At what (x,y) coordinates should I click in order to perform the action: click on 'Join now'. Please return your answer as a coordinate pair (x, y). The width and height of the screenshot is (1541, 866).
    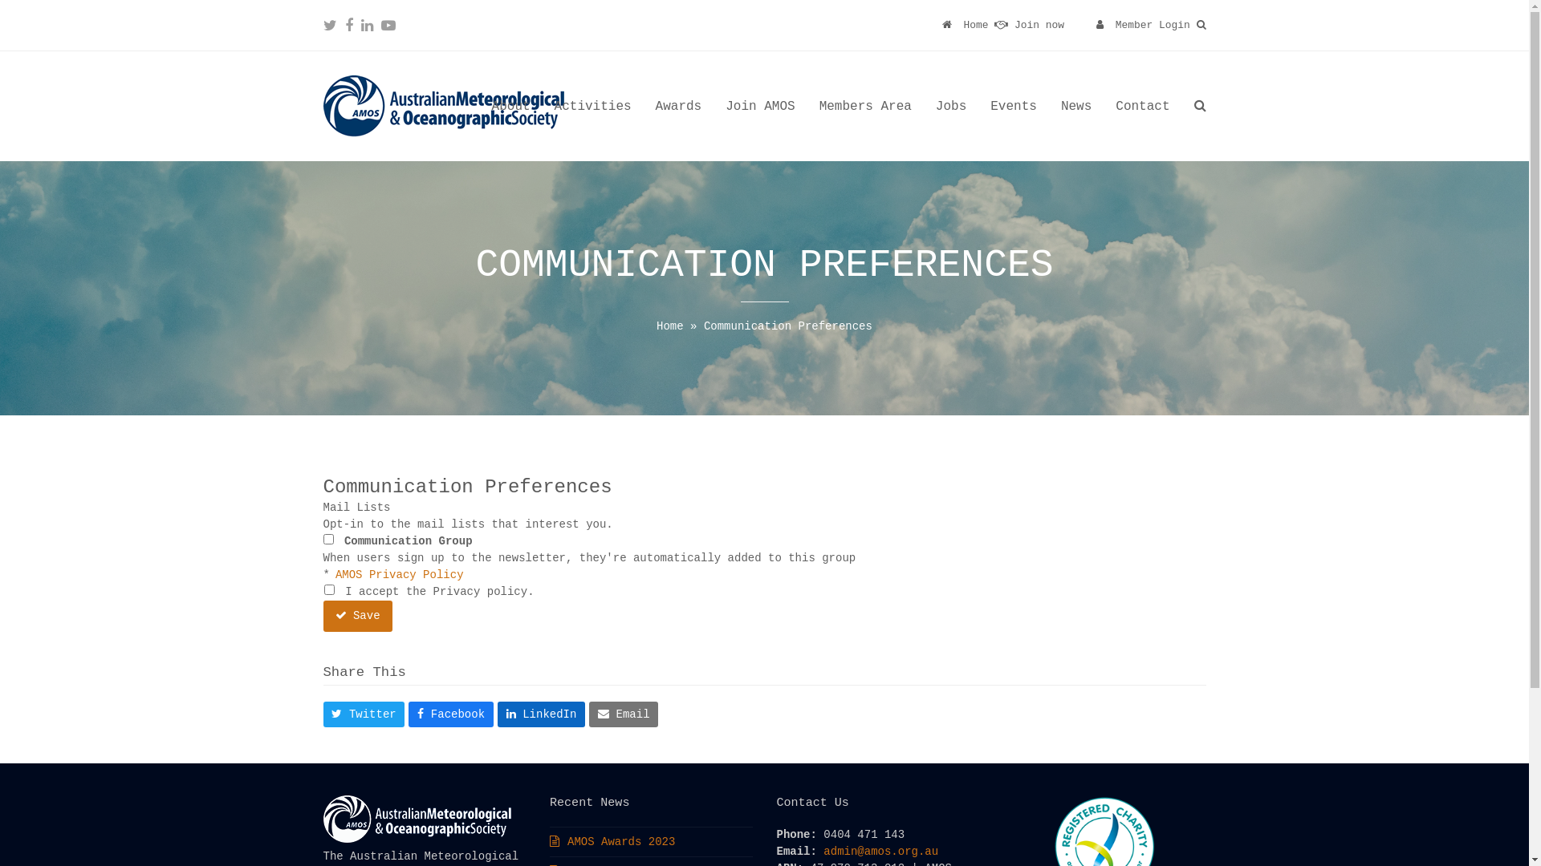
    Looking at the image, I should click on (1029, 25).